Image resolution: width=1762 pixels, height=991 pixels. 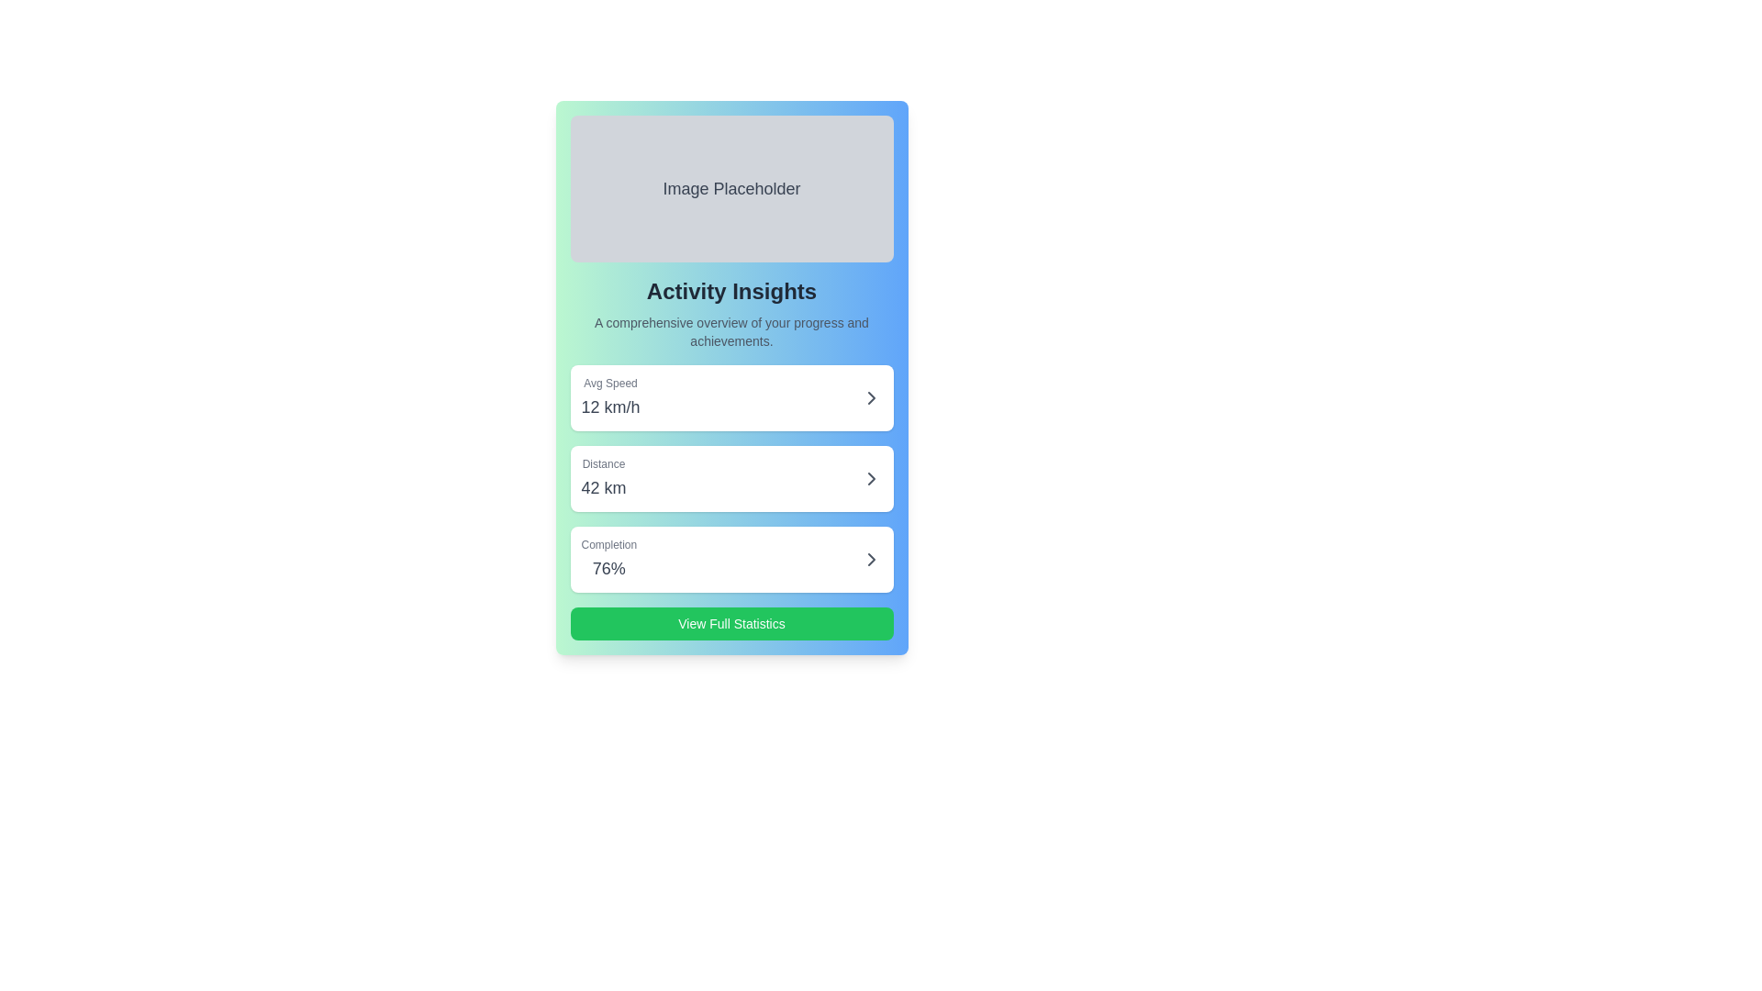 I want to click on the 'Avg Speed' label that displays the text in a small font and light gray color, located above the numeric value '12 km/h' in the activity statistics section, so click(x=610, y=382).